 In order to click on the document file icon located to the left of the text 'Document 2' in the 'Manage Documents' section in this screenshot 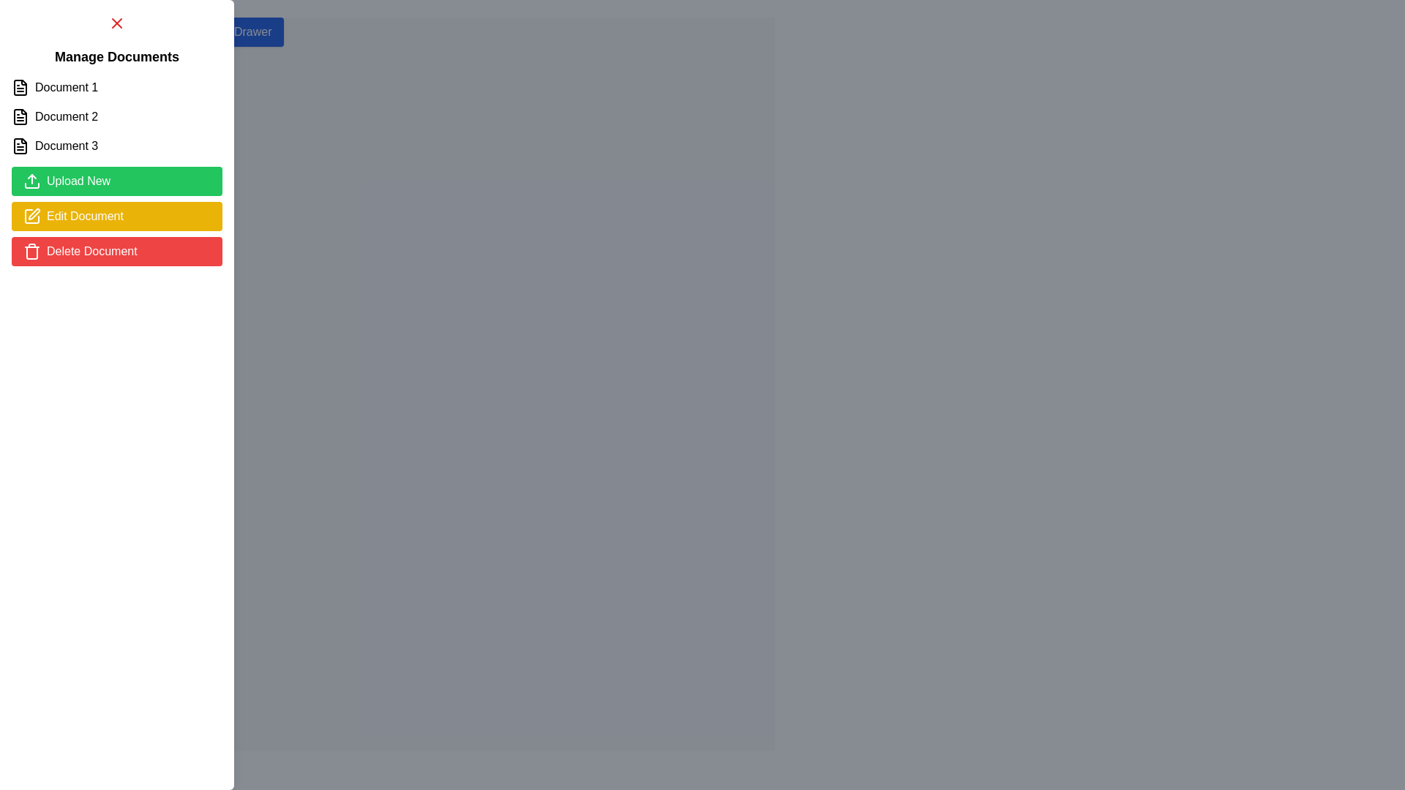, I will do `click(20, 116)`.